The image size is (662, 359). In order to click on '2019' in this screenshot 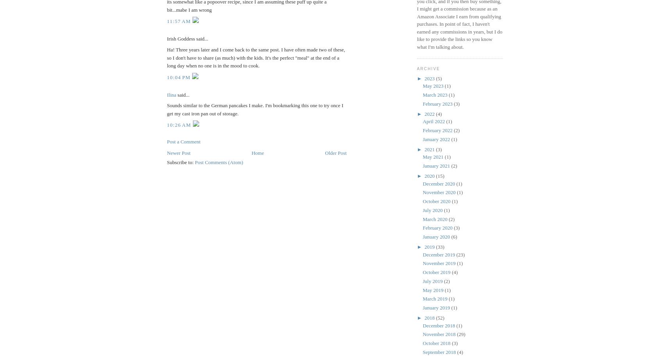, I will do `click(424, 247)`.